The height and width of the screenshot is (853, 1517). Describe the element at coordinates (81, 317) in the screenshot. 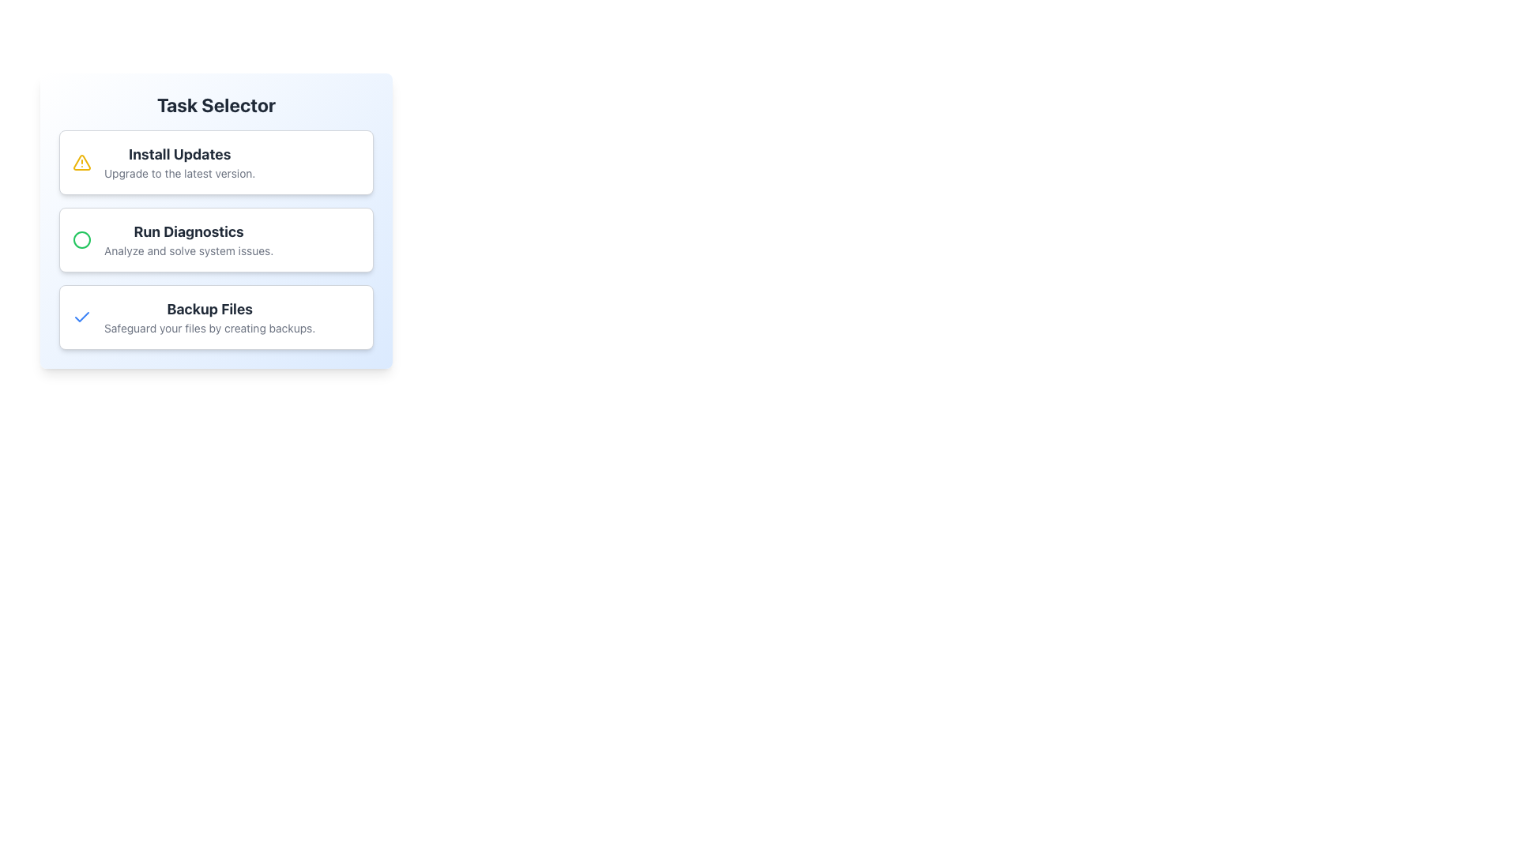

I see `the 'Backup Files' icon, which is the checkmark located in the top-left area of the button group, specifically the third option from the top` at that location.